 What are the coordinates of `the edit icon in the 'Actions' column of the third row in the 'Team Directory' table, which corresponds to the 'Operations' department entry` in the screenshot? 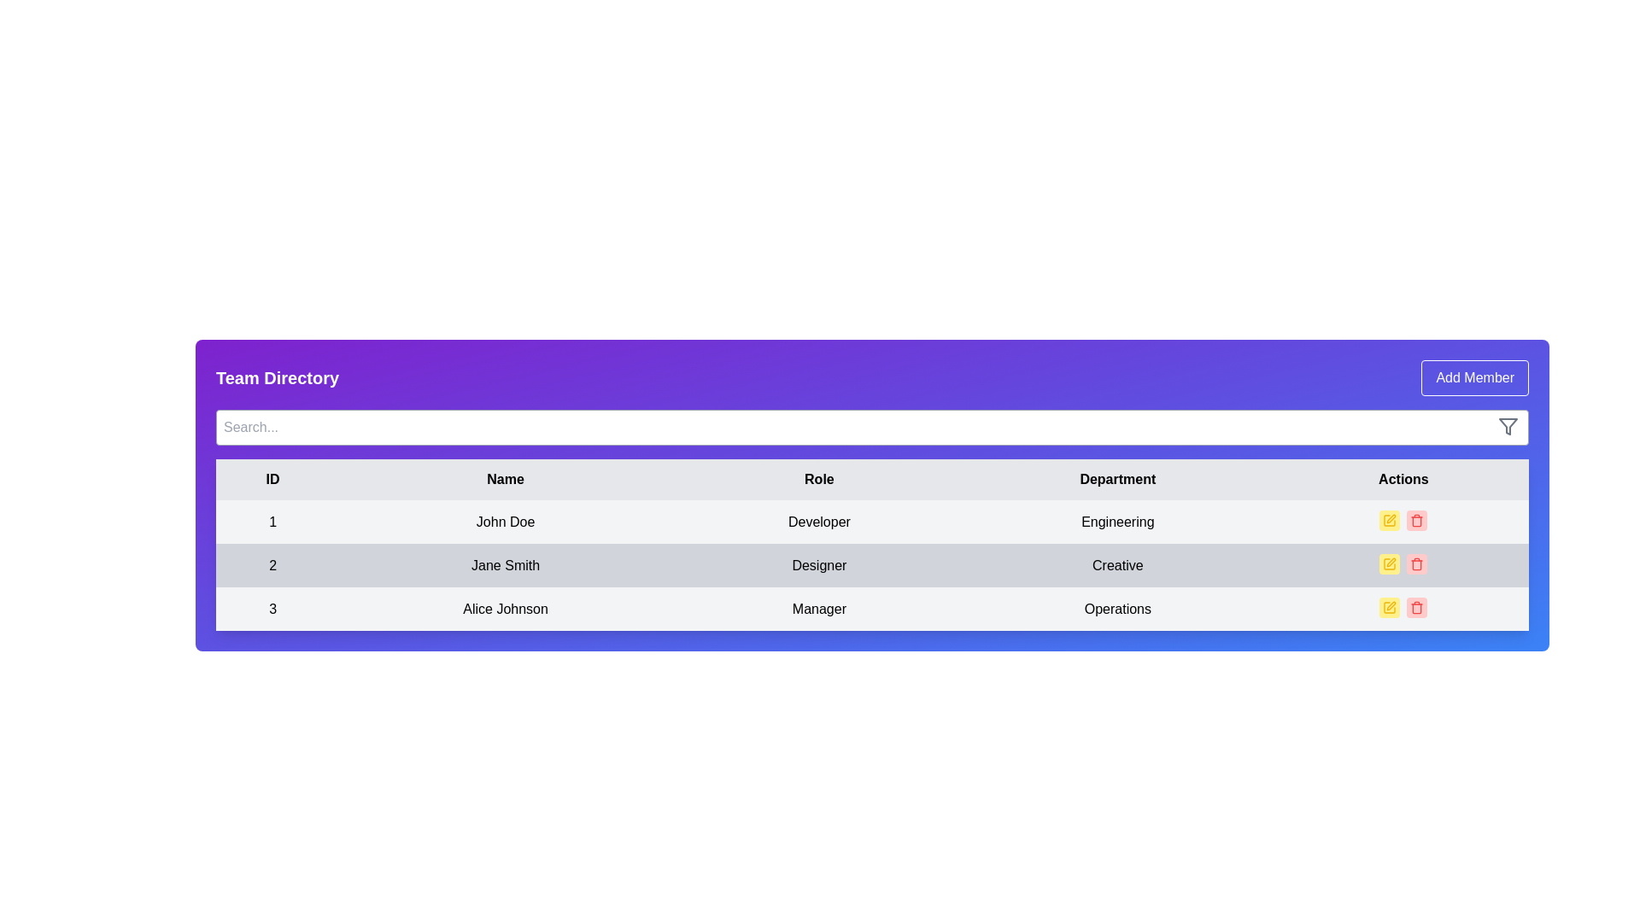 It's located at (1391, 604).